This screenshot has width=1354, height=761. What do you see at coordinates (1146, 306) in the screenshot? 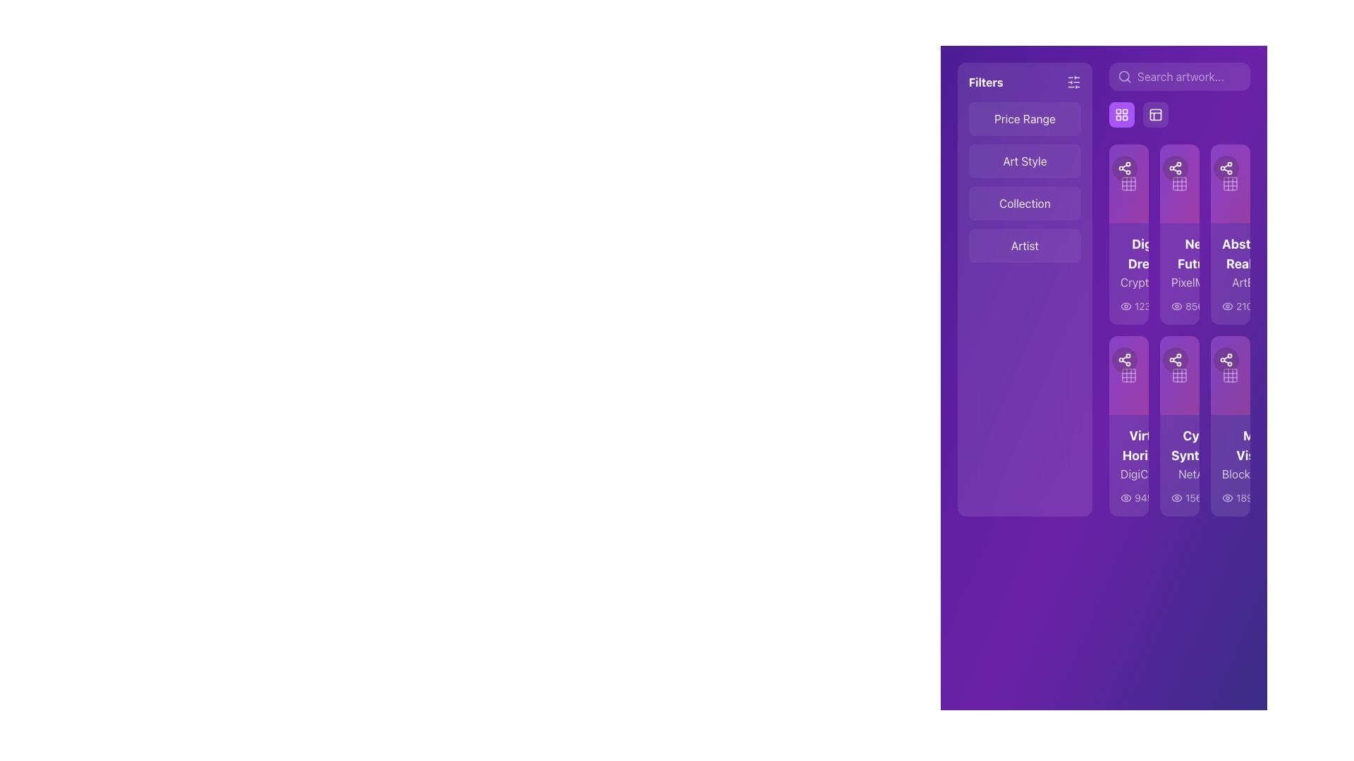
I see `the Text Label that displays a count or metric, positioned centrally within a list of items on the right-hand side of the interface` at bounding box center [1146, 306].